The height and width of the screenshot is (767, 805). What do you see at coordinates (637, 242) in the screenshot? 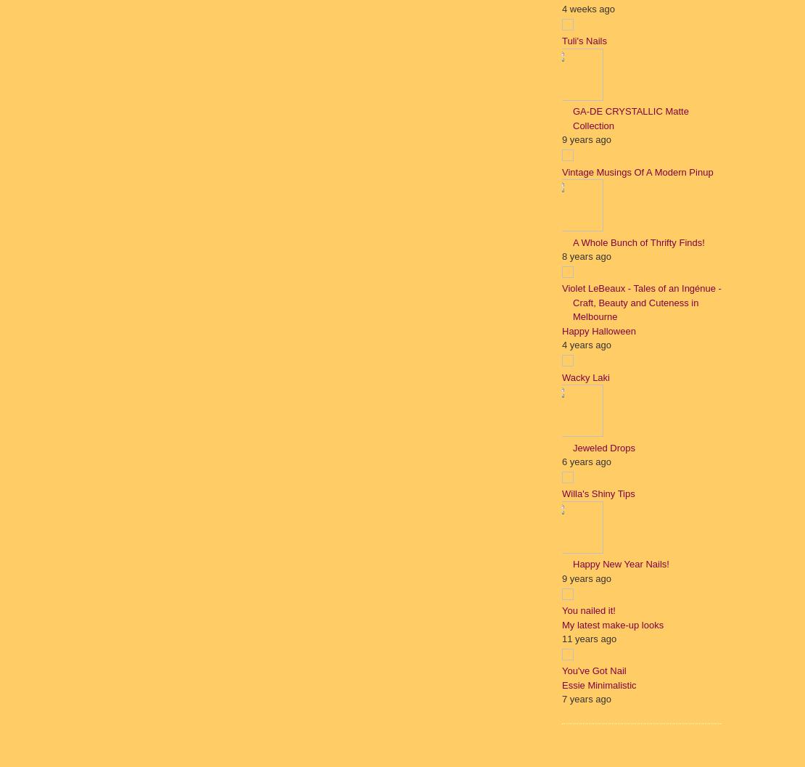
I see `'A Whole Bunch of Thrifty Finds!'` at bounding box center [637, 242].